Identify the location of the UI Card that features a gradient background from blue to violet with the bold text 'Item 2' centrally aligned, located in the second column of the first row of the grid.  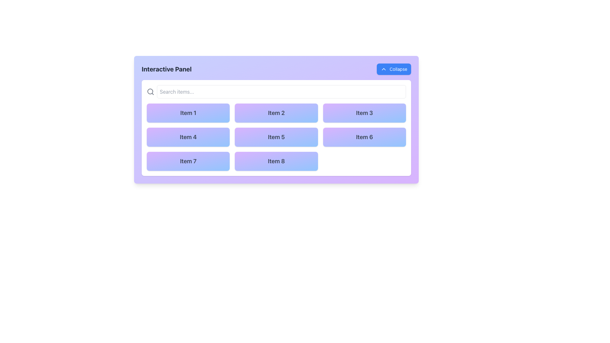
(276, 120).